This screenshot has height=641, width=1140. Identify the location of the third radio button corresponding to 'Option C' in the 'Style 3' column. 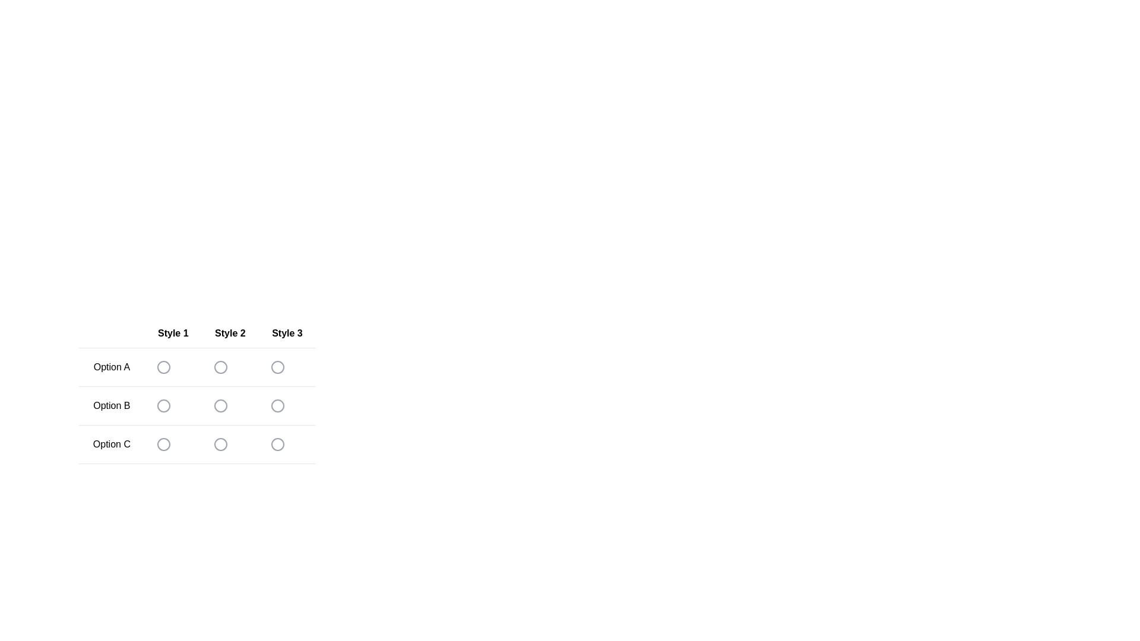
(287, 444).